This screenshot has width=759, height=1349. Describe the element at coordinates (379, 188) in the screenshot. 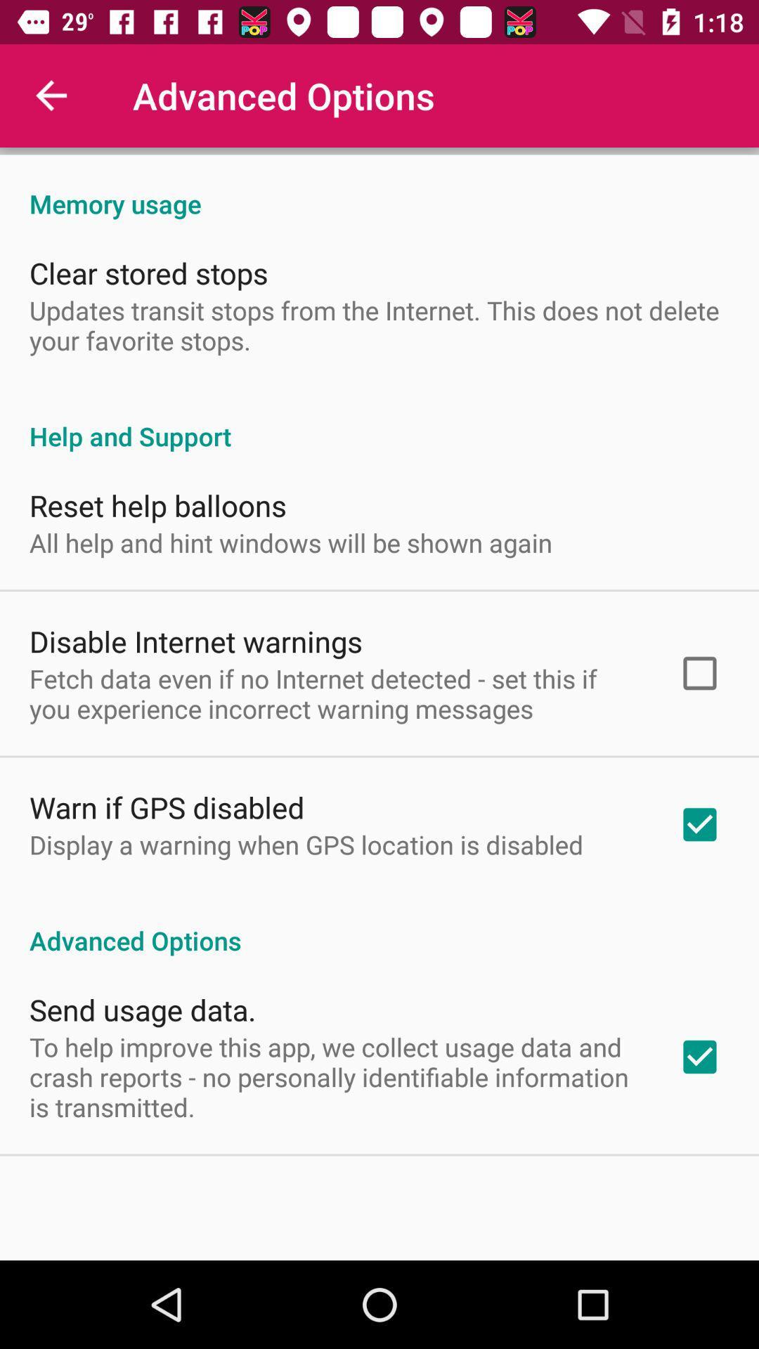

I see `memory usage icon` at that location.